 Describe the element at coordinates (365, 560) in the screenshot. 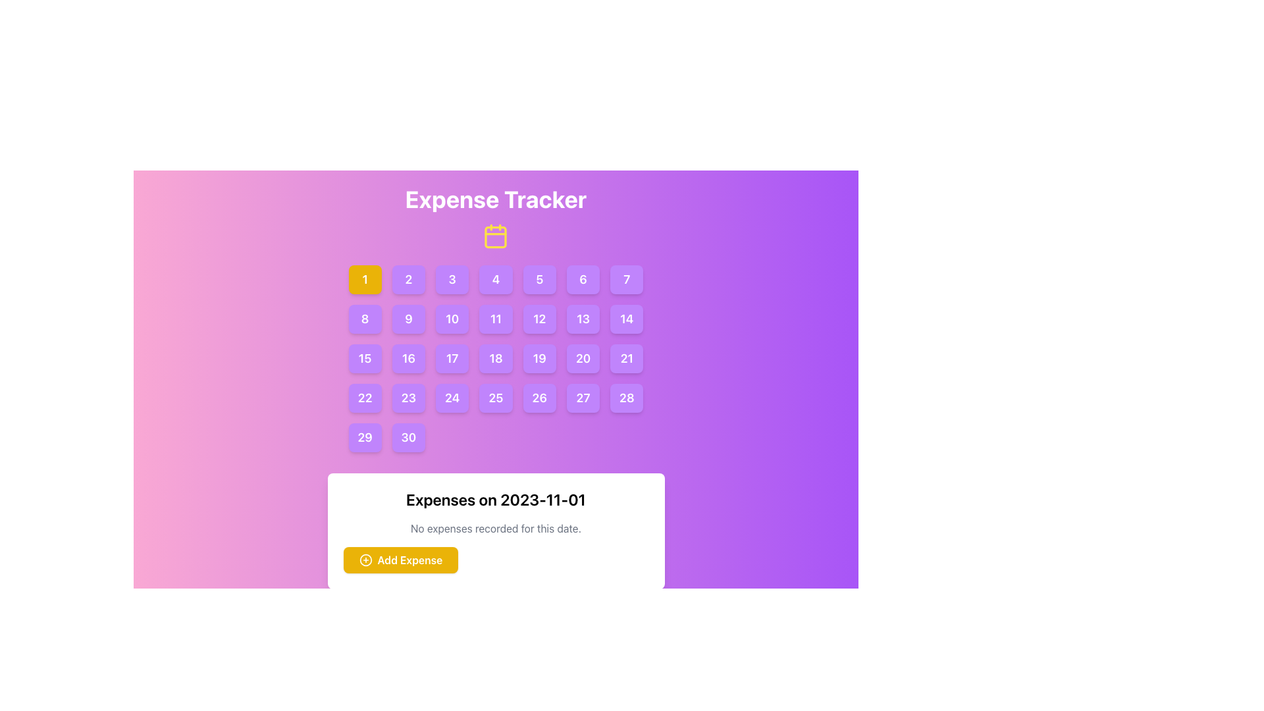

I see `the 'Add Expense' button which contains the decorative and functional icon representing the action of 'adding', located at the bottom-right corner of the interface` at that location.